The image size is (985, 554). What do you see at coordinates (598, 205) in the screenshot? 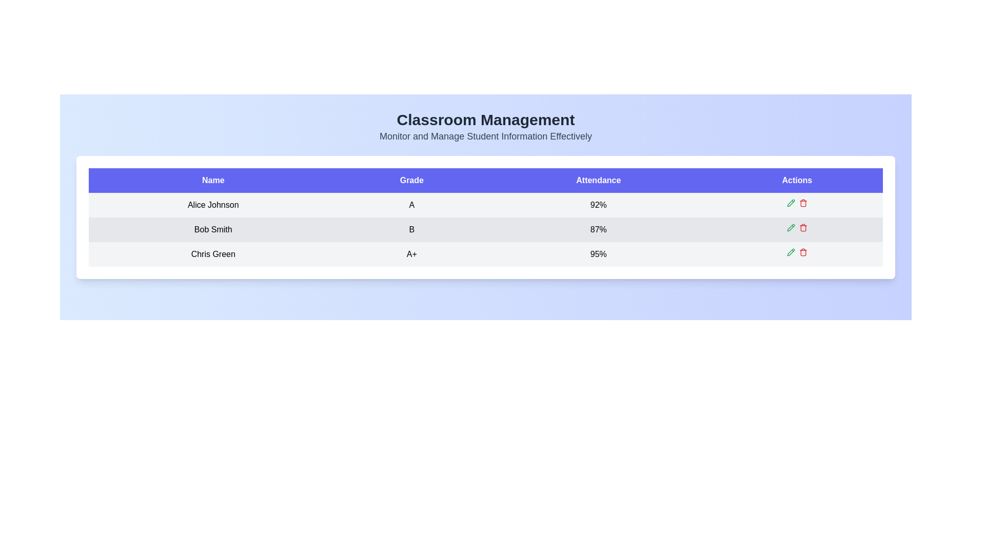
I see `the attendance percentage text '92%' for the individual 'Alice Johnson' located in the Attendance column of the table` at bounding box center [598, 205].